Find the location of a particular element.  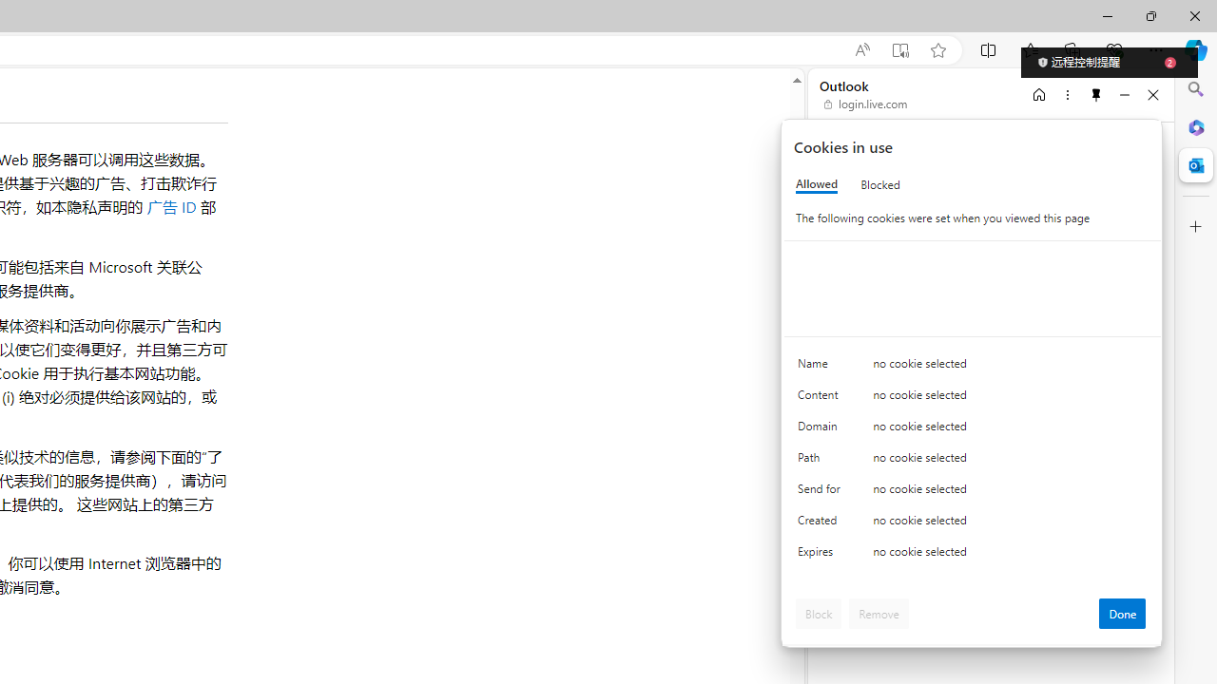

'Expires' is located at coordinates (822, 556).